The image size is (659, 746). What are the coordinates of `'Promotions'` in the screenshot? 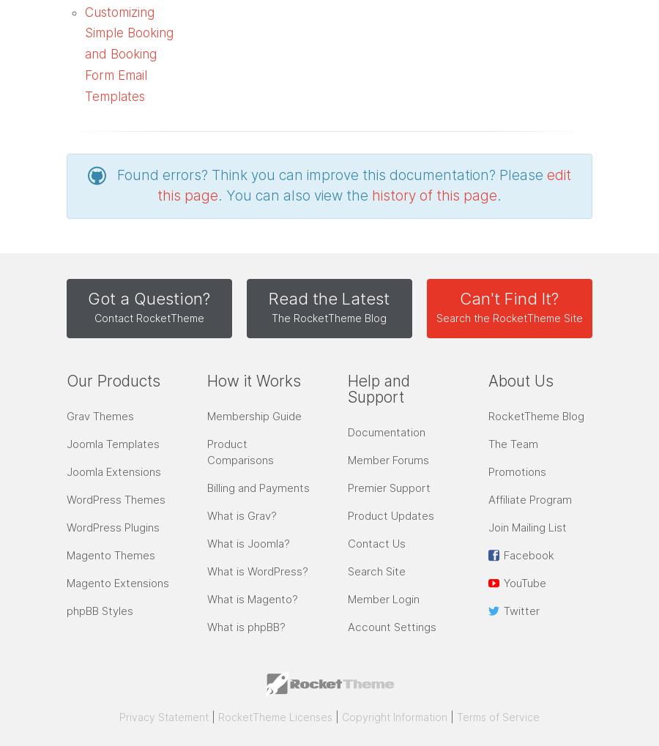 It's located at (516, 471).